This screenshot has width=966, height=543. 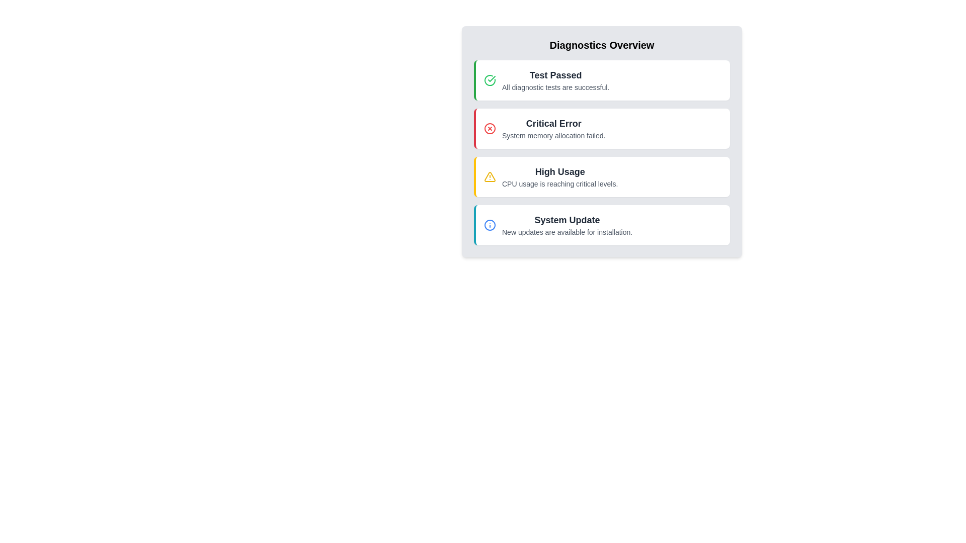 I want to click on the 'Test Passed' icon, which visually indicates that all diagnostic tests were successful, located at the left side of the corresponding list item, so click(x=490, y=79).